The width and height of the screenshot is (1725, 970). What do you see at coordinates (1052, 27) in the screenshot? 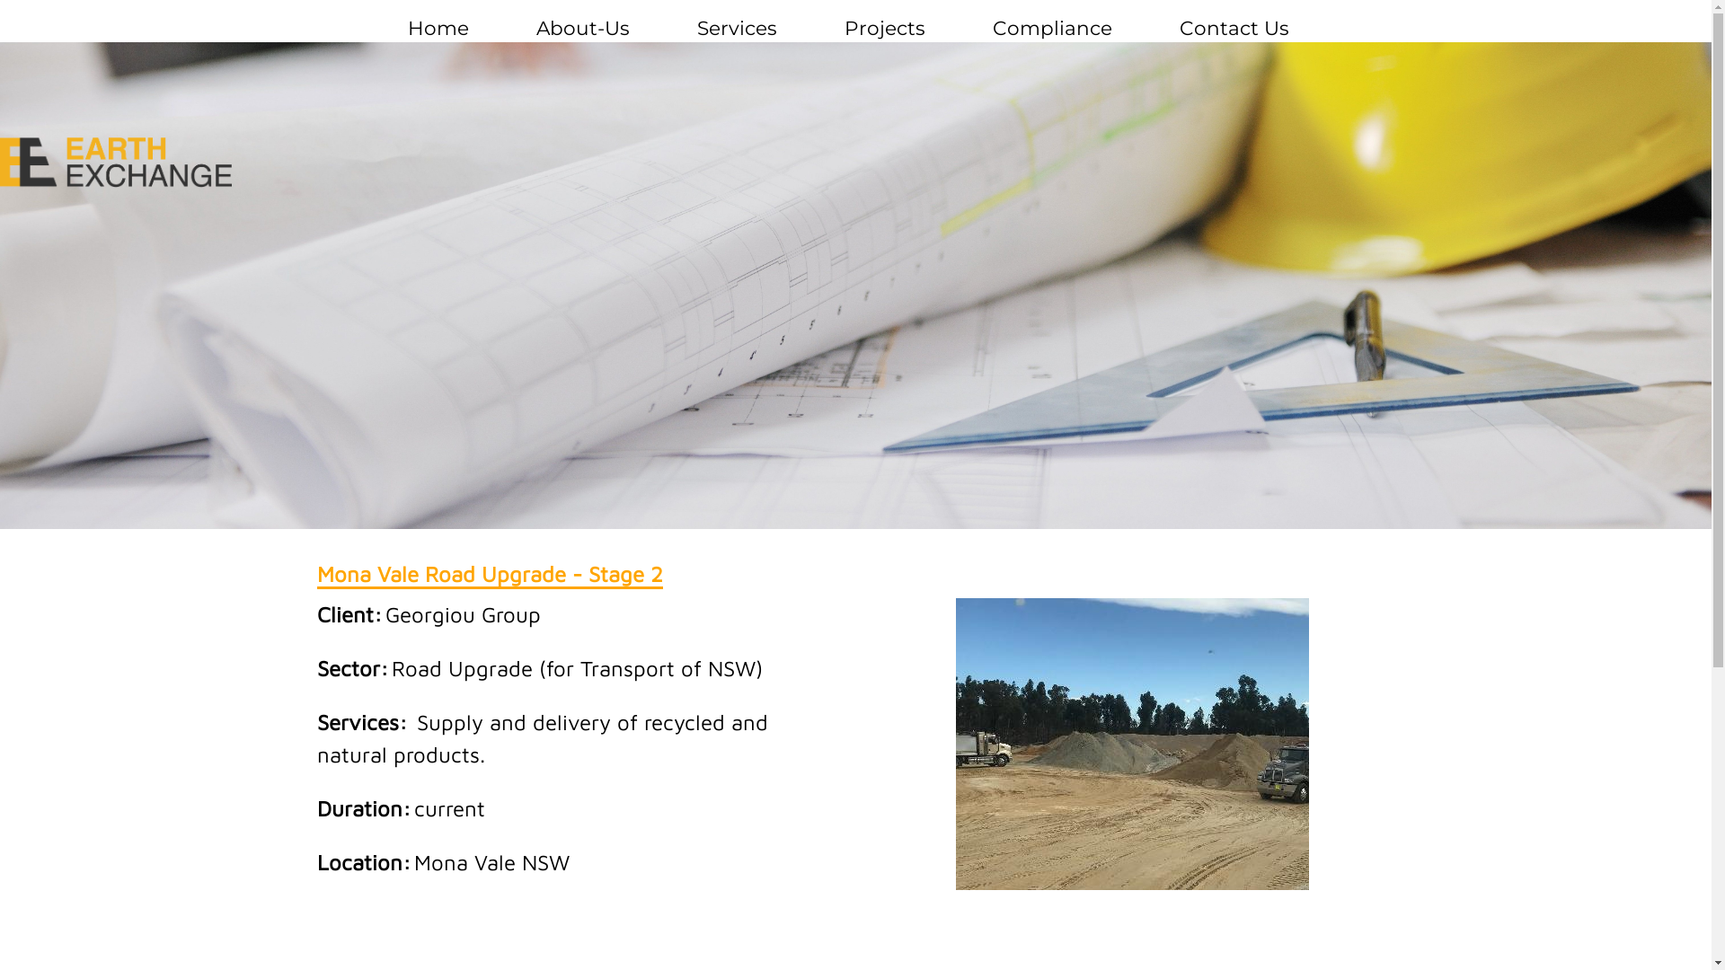
I see `'Compliance'` at bounding box center [1052, 27].